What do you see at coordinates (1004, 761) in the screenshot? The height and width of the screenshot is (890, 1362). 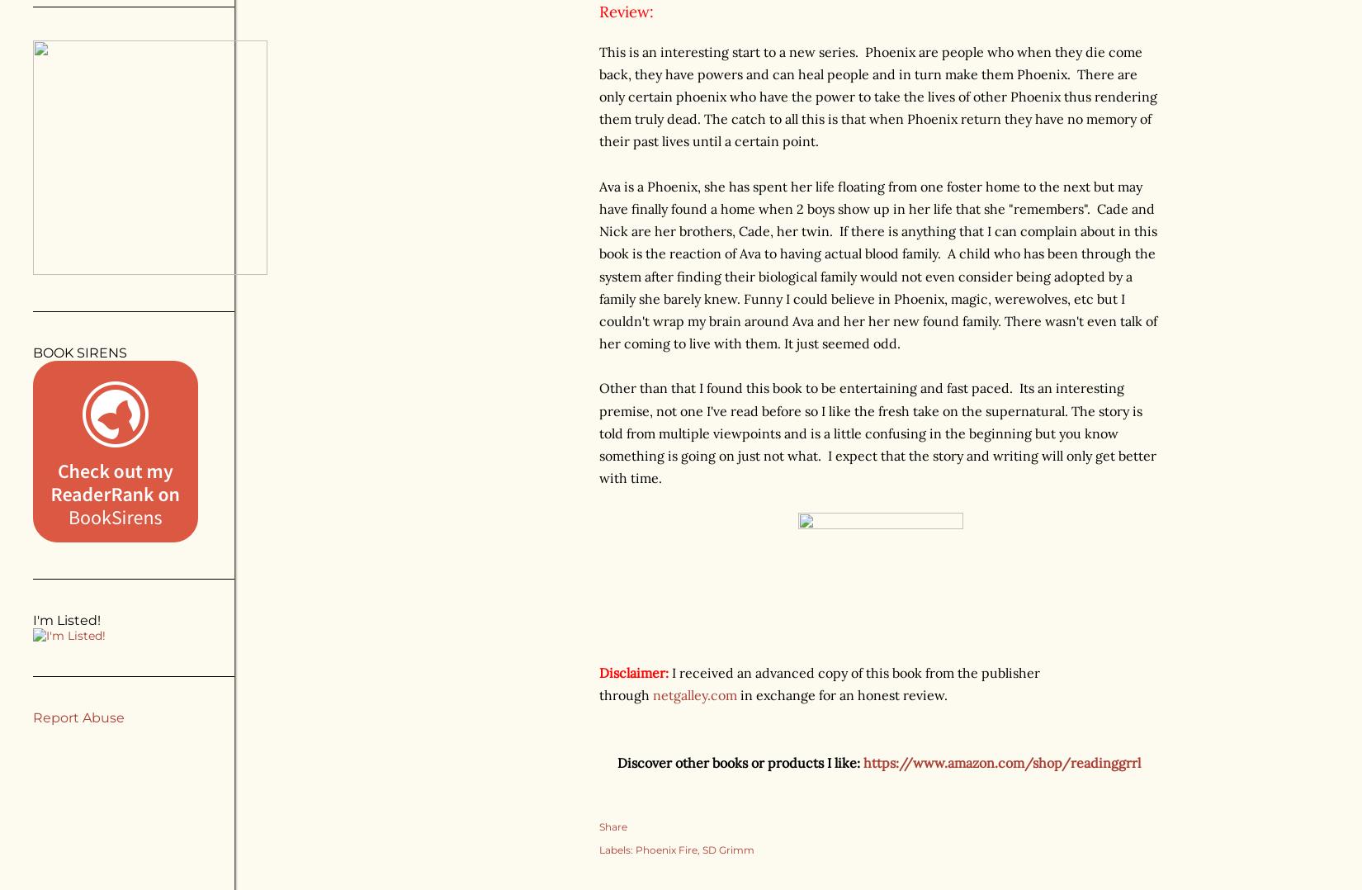 I see `'https://www.amazon.com/shop/readinggrrl'` at bounding box center [1004, 761].